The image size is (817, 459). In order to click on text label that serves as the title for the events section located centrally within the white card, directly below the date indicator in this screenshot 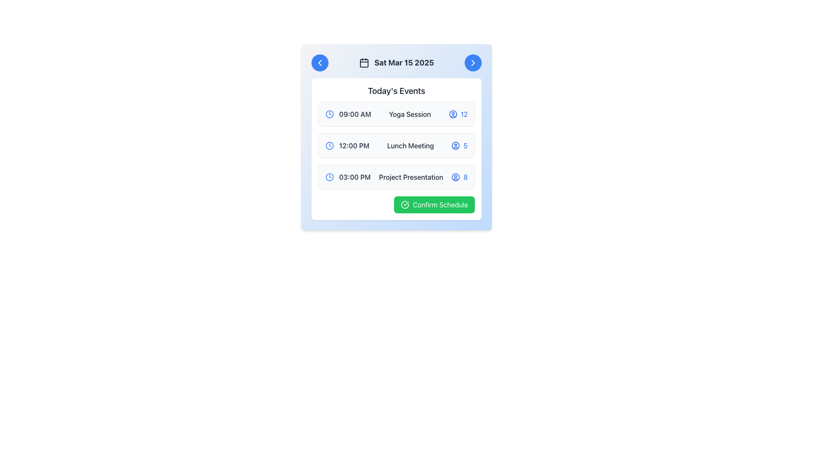, I will do `click(396, 91)`.